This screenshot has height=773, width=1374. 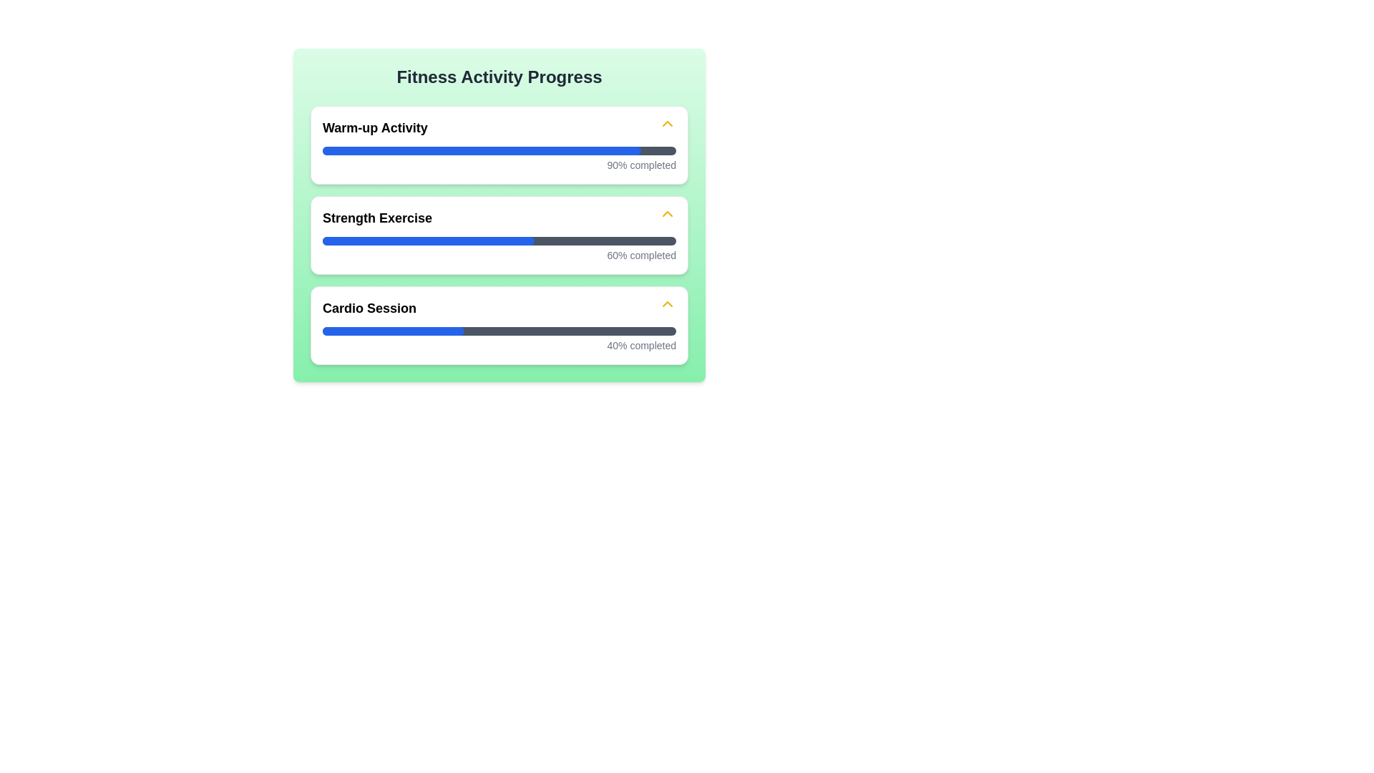 What do you see at coordinates (499, 326) in the screenshot?
I see `completion percentage displayed on the Progress card for the 'Cardio Session' activity, which is the third item in the vertical list of activity progress cards` at bounding box center [499, 326].